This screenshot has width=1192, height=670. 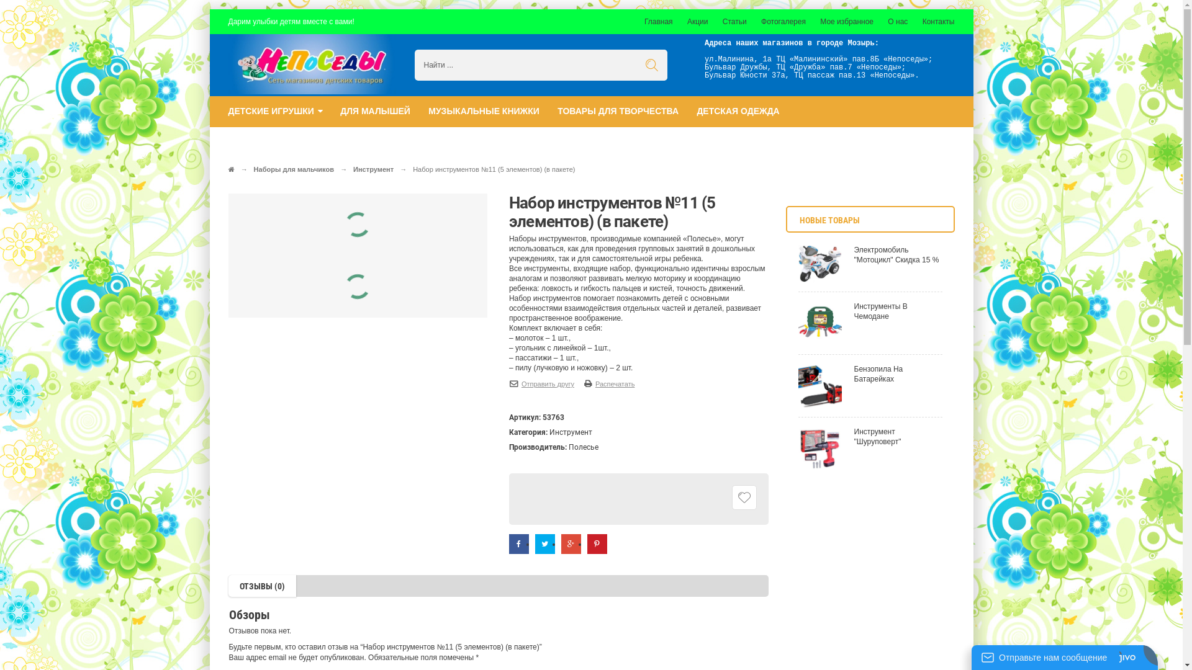 I want to click on '53763-2', so click(x=325, y=288).